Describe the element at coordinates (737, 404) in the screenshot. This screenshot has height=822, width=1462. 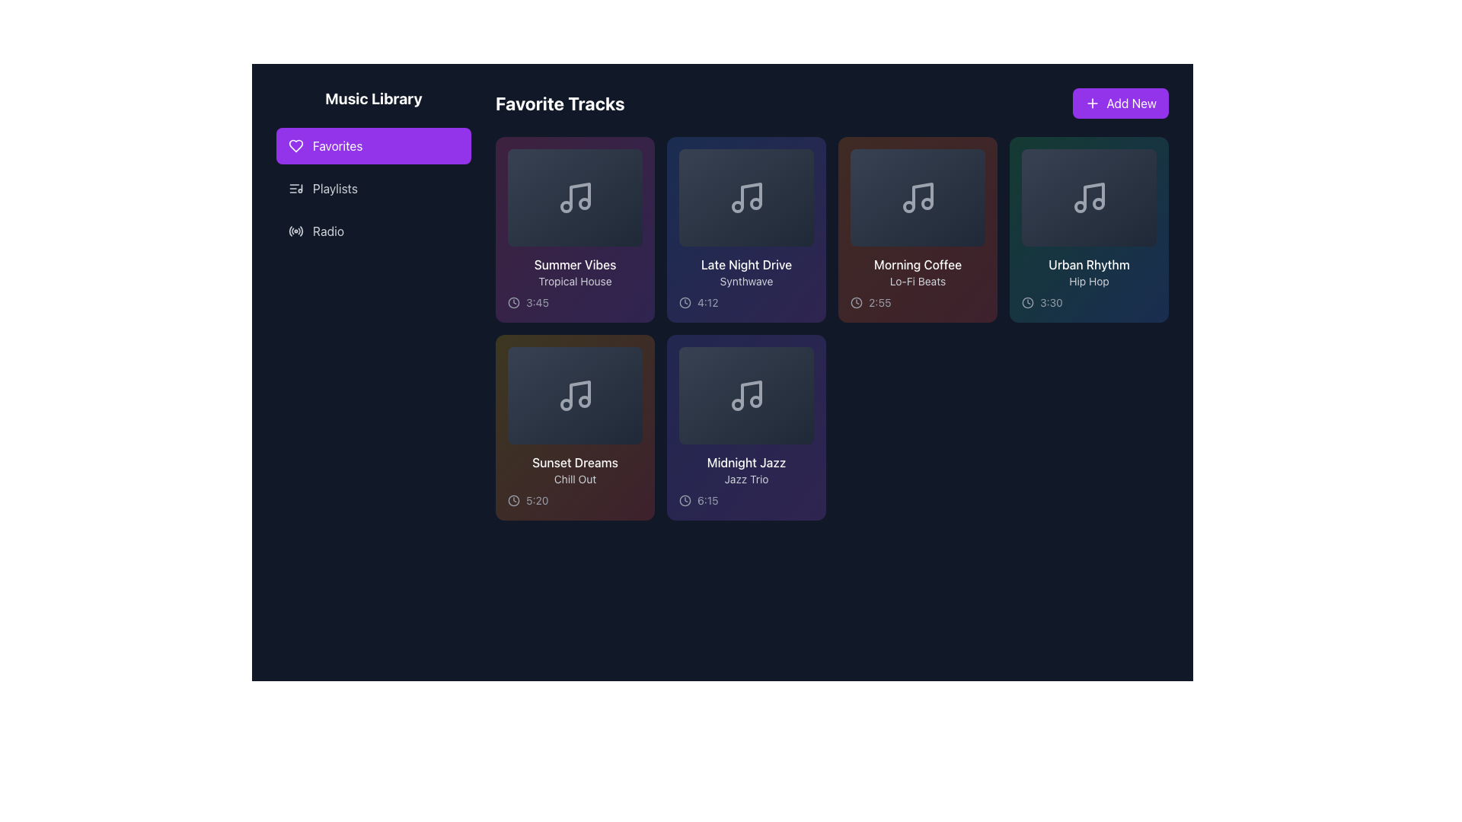
I see `the small circular shape with a thin outline located at the bottom-left of the musical note icon in the 'Midnight Jazz' card in the second row, third column of the track grid` at that location.